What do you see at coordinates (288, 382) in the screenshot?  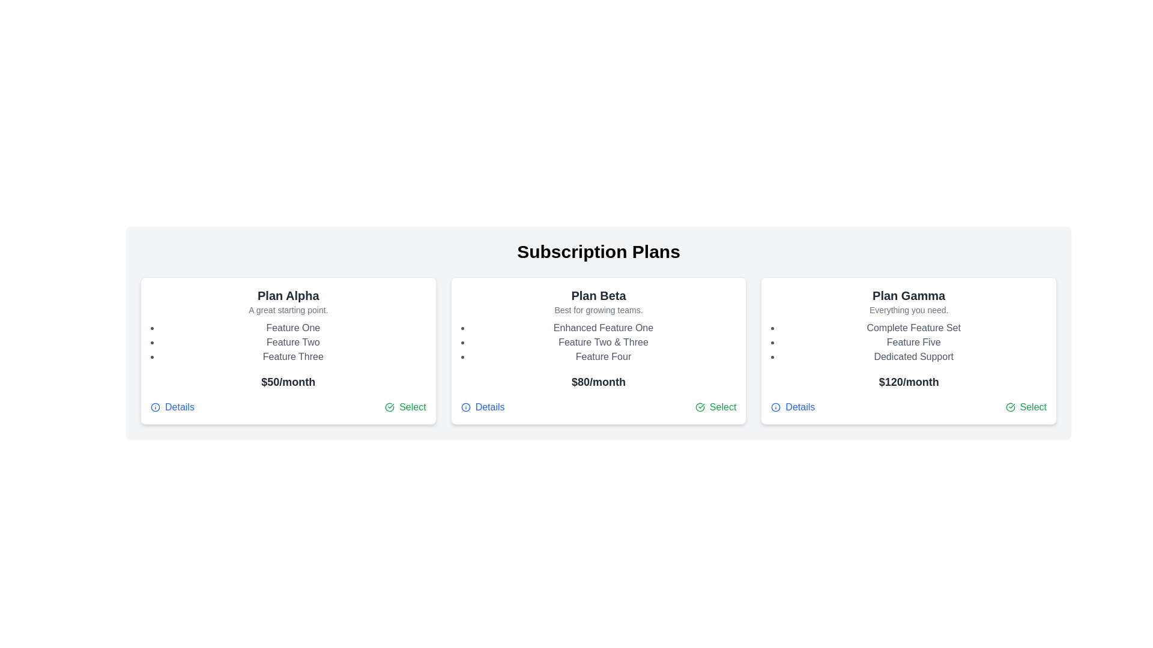 I see `the text label displaying the cost of the 'Plan Alpha' subscription located in the lower section of the subscription card, between the features and the interactive options` at bounding box center [288, 382].